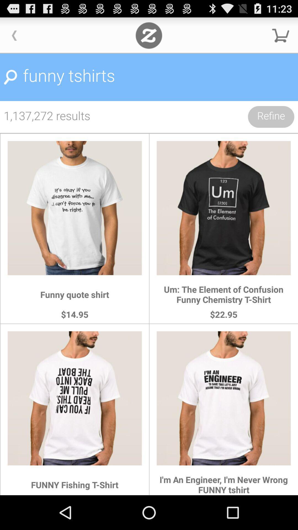  Describe the element at coordinates (271, 116) in the screenshot. I see `the item next to 1 137 272 icon` at that location.